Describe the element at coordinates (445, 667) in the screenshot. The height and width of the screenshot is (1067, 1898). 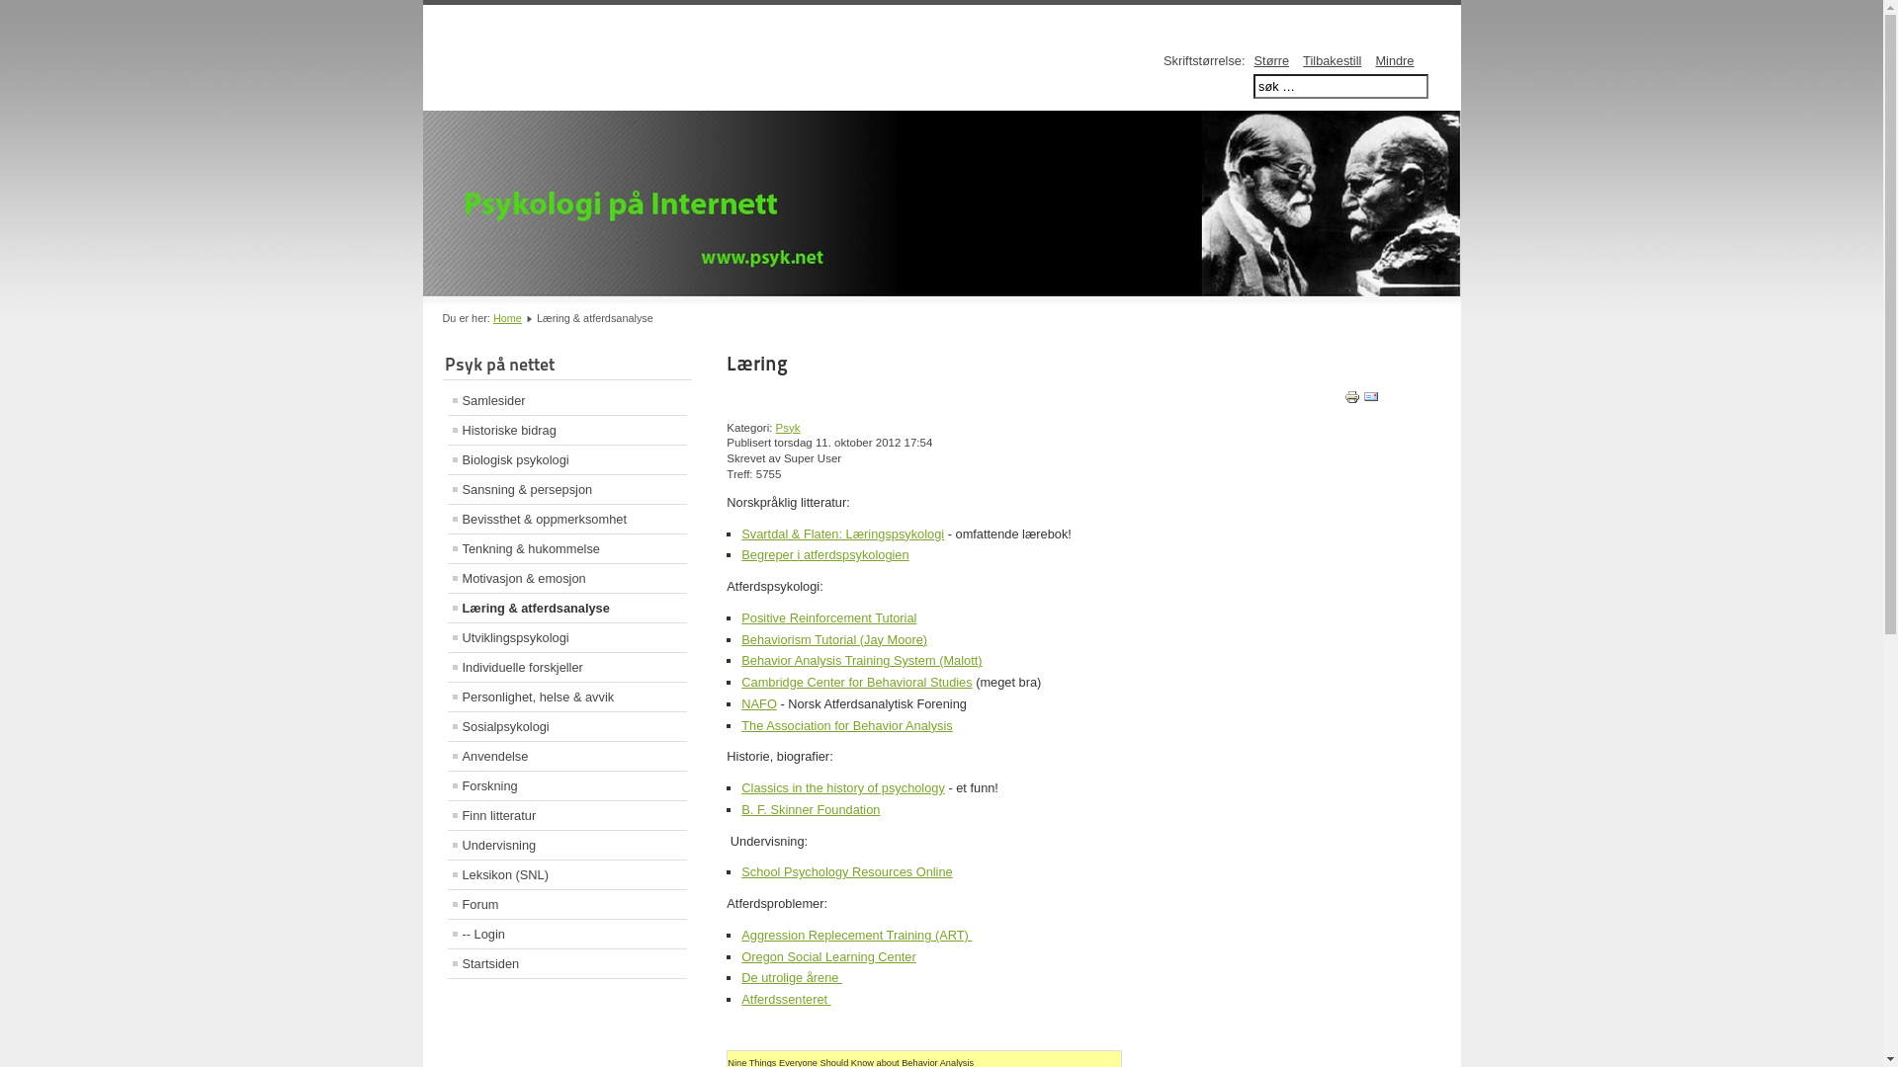
I see `'Individuelle forskjeller'` at that location.